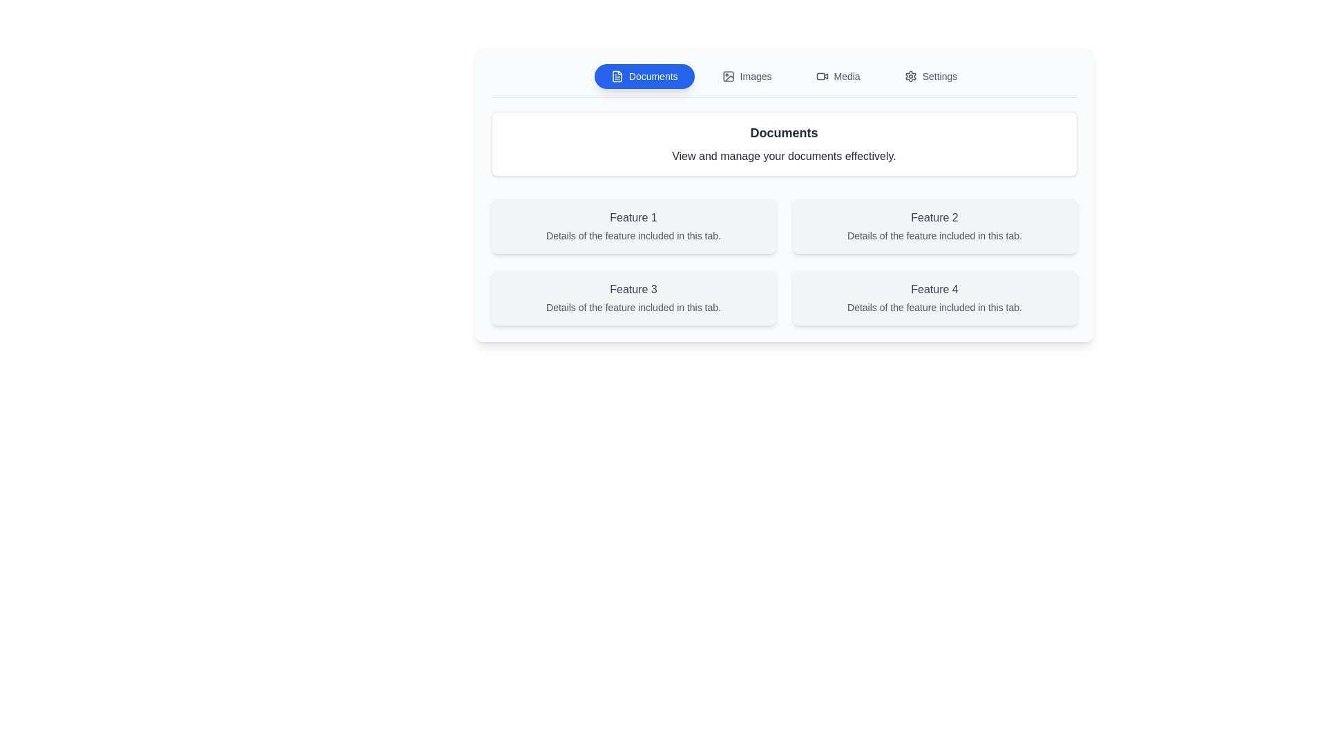 The image size is (1326, 745). Describe the element at coordinates (934, 235) in the screenshot. I see `the Text Label located beneath the heading 'Feature 2' in the upper right quadrant of the interface, which provides descriptive information about 'Feature 2'` at that location.